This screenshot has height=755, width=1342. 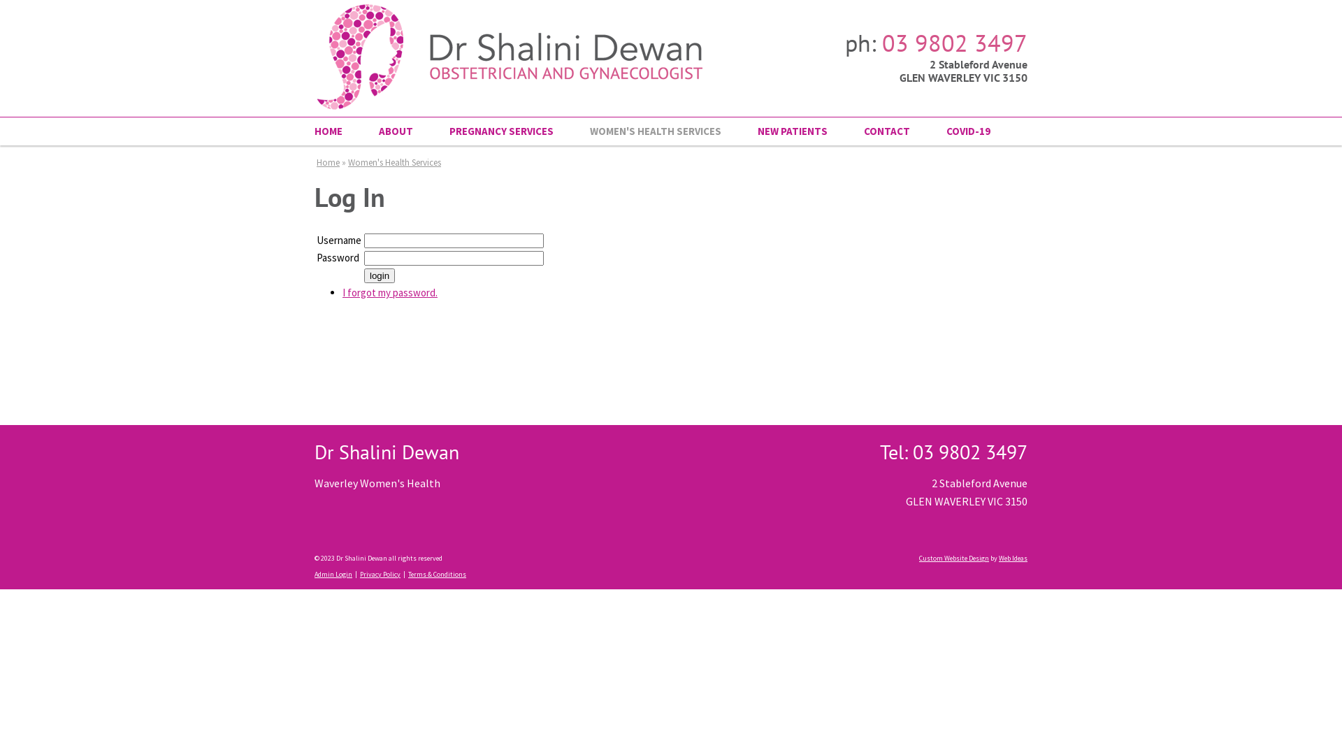 I want to click on 'Terms & Conditions', so click(x=436, y=574).